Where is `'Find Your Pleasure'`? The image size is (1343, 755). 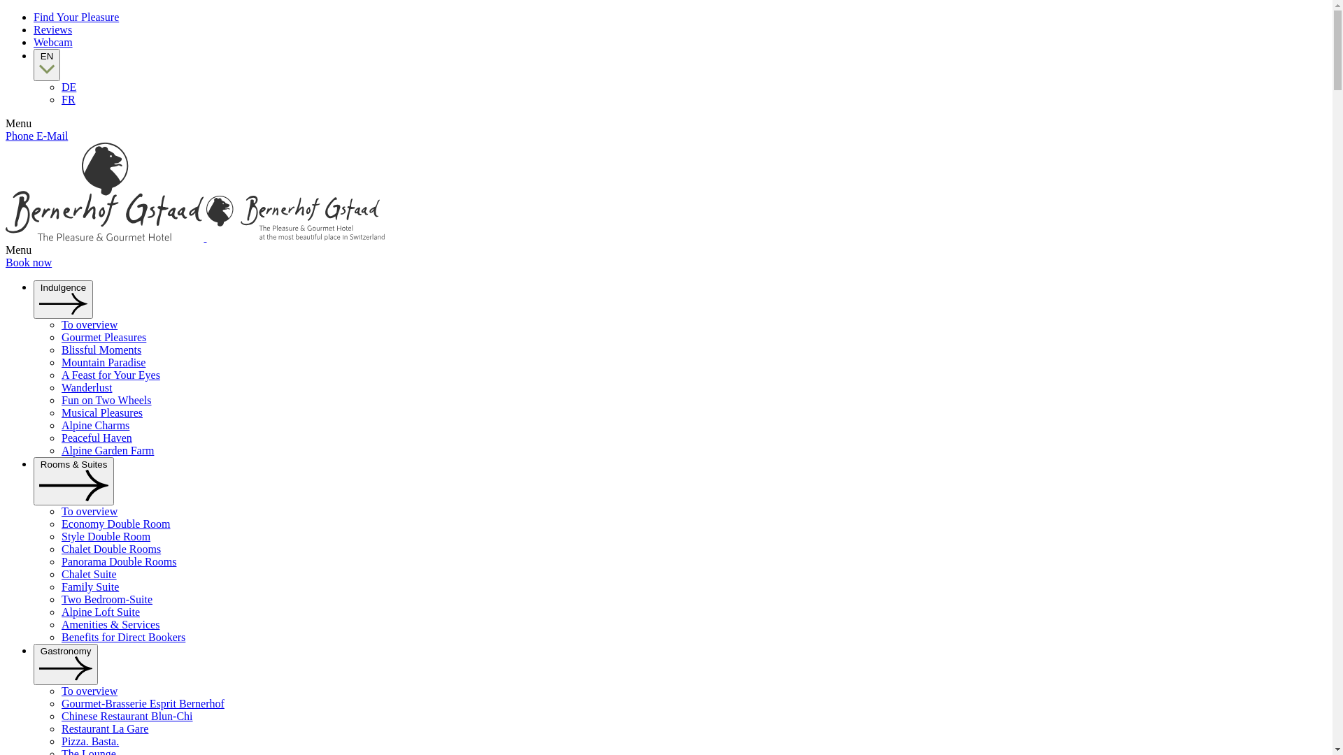
'Find Your Pleasure' is located at coordinates (76, 17).